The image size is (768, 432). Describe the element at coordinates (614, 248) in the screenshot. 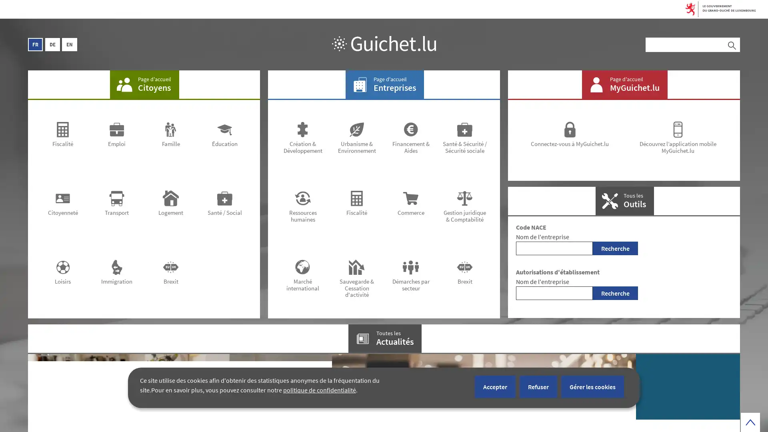

I see `Recherche` at that location.